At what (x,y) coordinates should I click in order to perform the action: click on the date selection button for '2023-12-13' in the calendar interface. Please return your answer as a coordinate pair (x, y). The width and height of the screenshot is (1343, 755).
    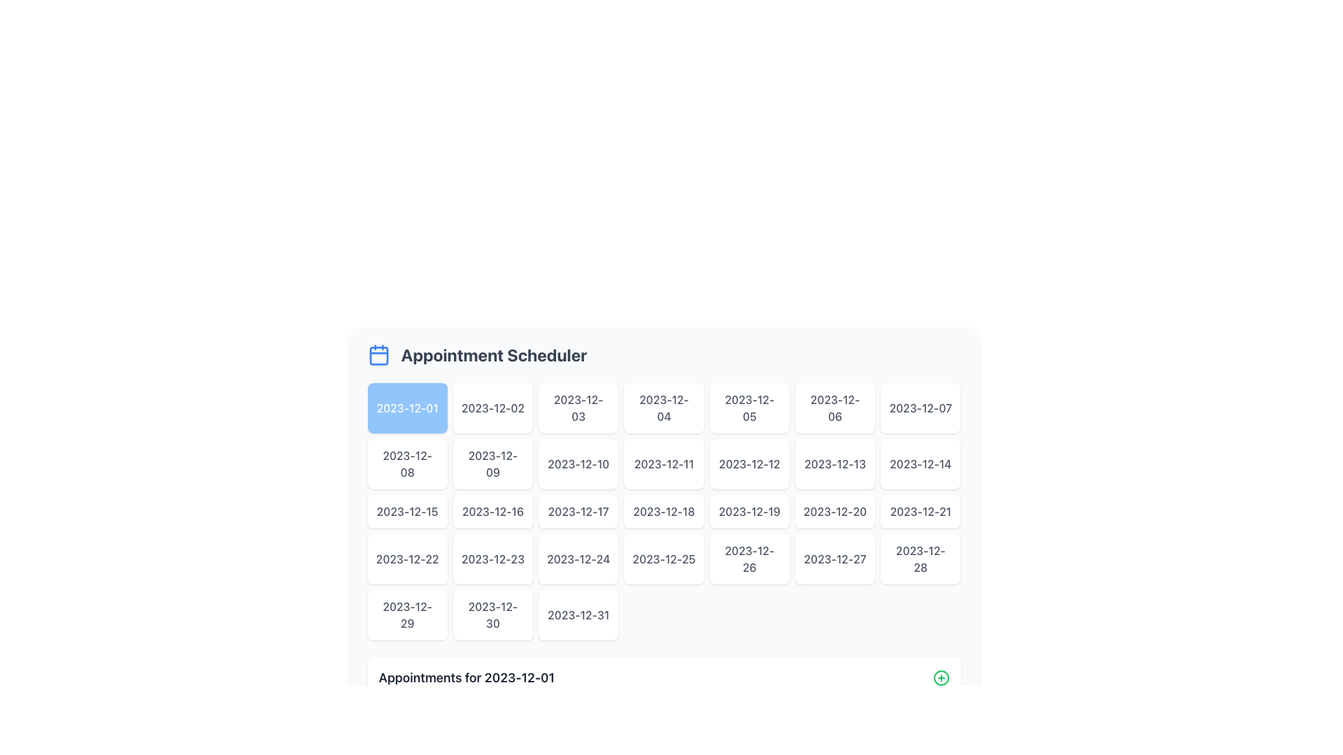
    Looking at the image, I should click on (835, 463).